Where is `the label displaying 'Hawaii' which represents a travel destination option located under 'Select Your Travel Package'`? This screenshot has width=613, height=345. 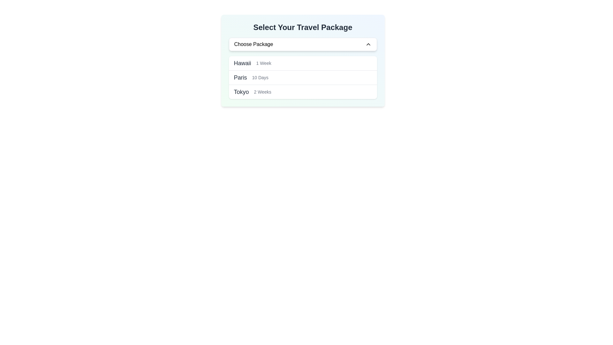
the label displaying 'Hawaii' which represents a travel destination option located under 'Select Your Travel Package' is located at coordinates (242, 63).